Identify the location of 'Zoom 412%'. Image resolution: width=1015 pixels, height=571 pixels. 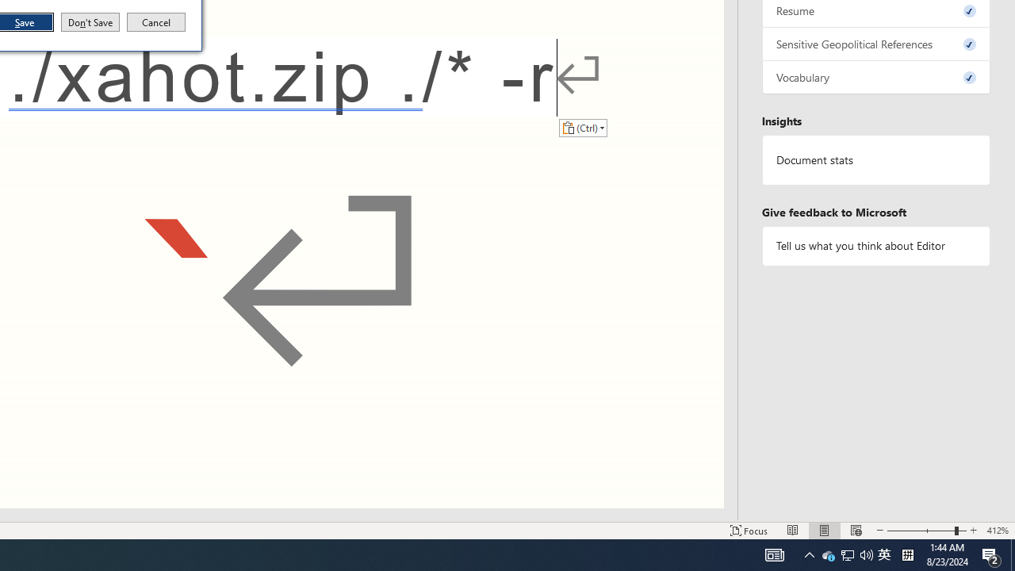
(997, 531).